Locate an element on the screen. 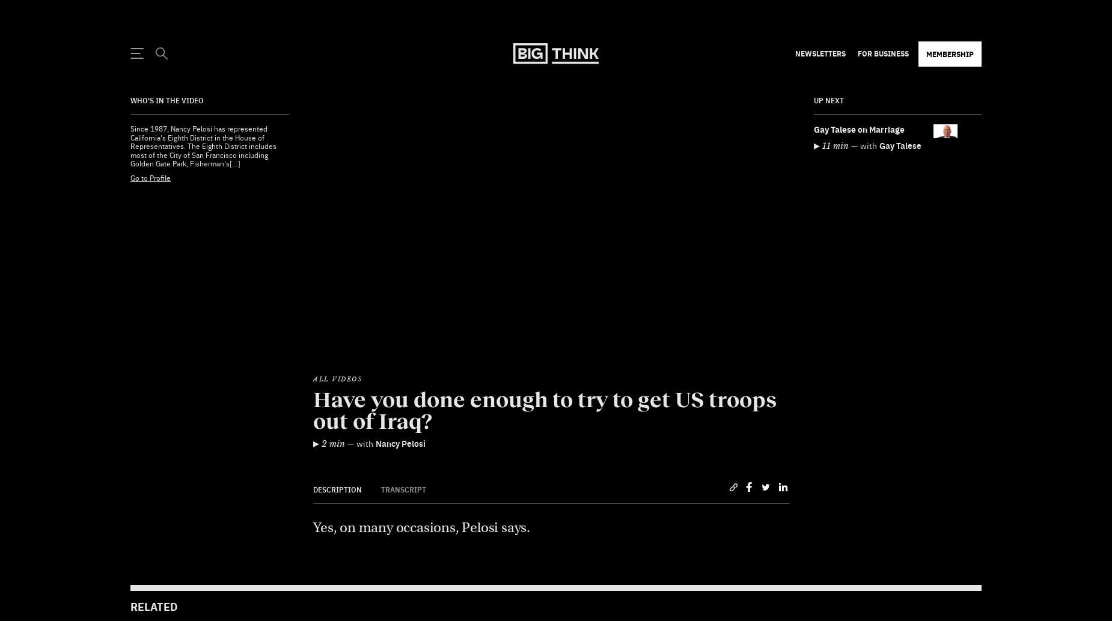 Image resolution: width=1112 pixels, height=621 pixels. 'Transcript' is located at coordinates (403, 459).